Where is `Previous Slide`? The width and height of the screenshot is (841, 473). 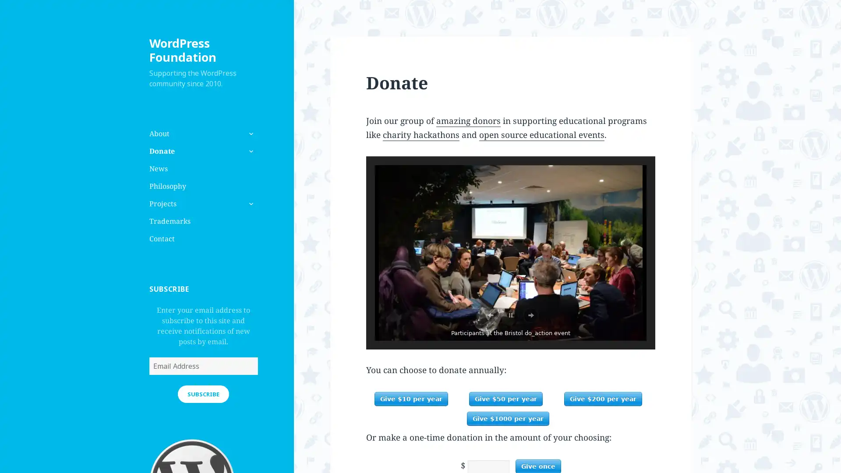
Previous Slide is located at coordinates (490, 315).